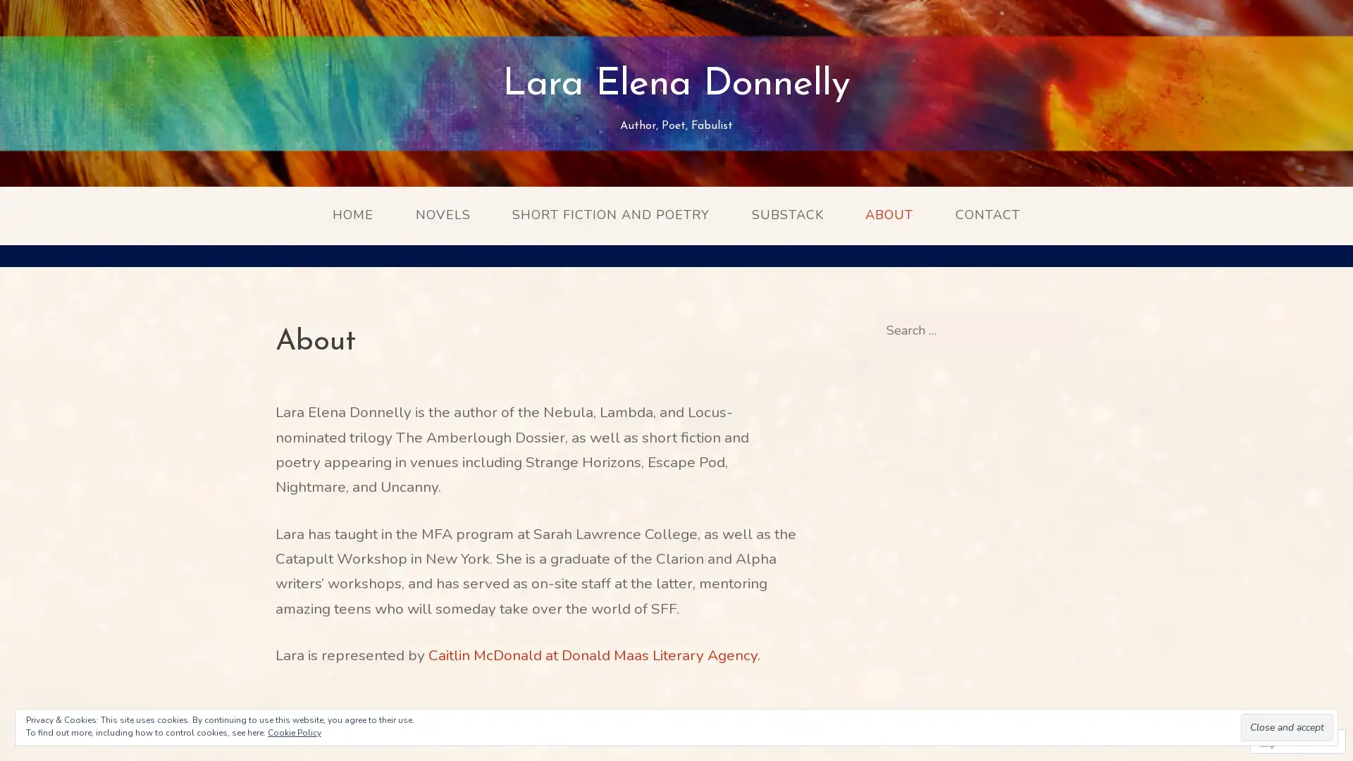 The width and height of the screenshot is (1353, 761). Describe the element at coordinates (1287, 727) in the screenshot. I see `Close and accept` at that location.